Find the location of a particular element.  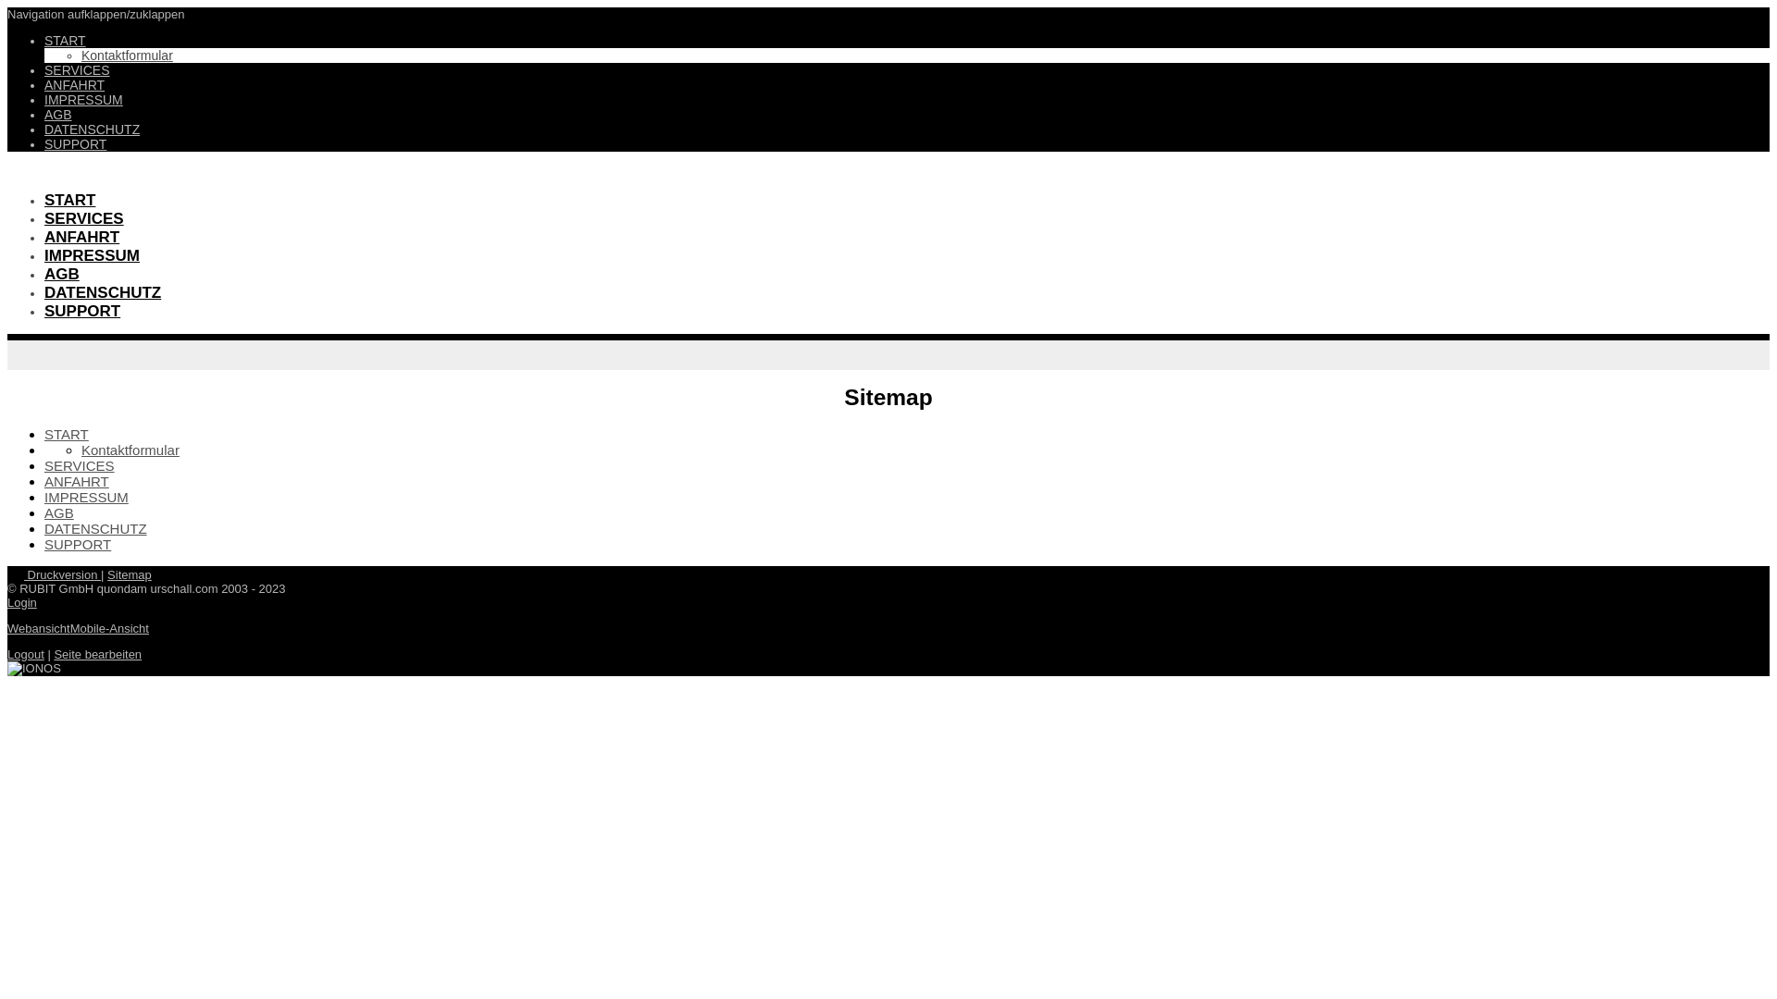

'SUPPORT' is located at coordinates (76, 543).